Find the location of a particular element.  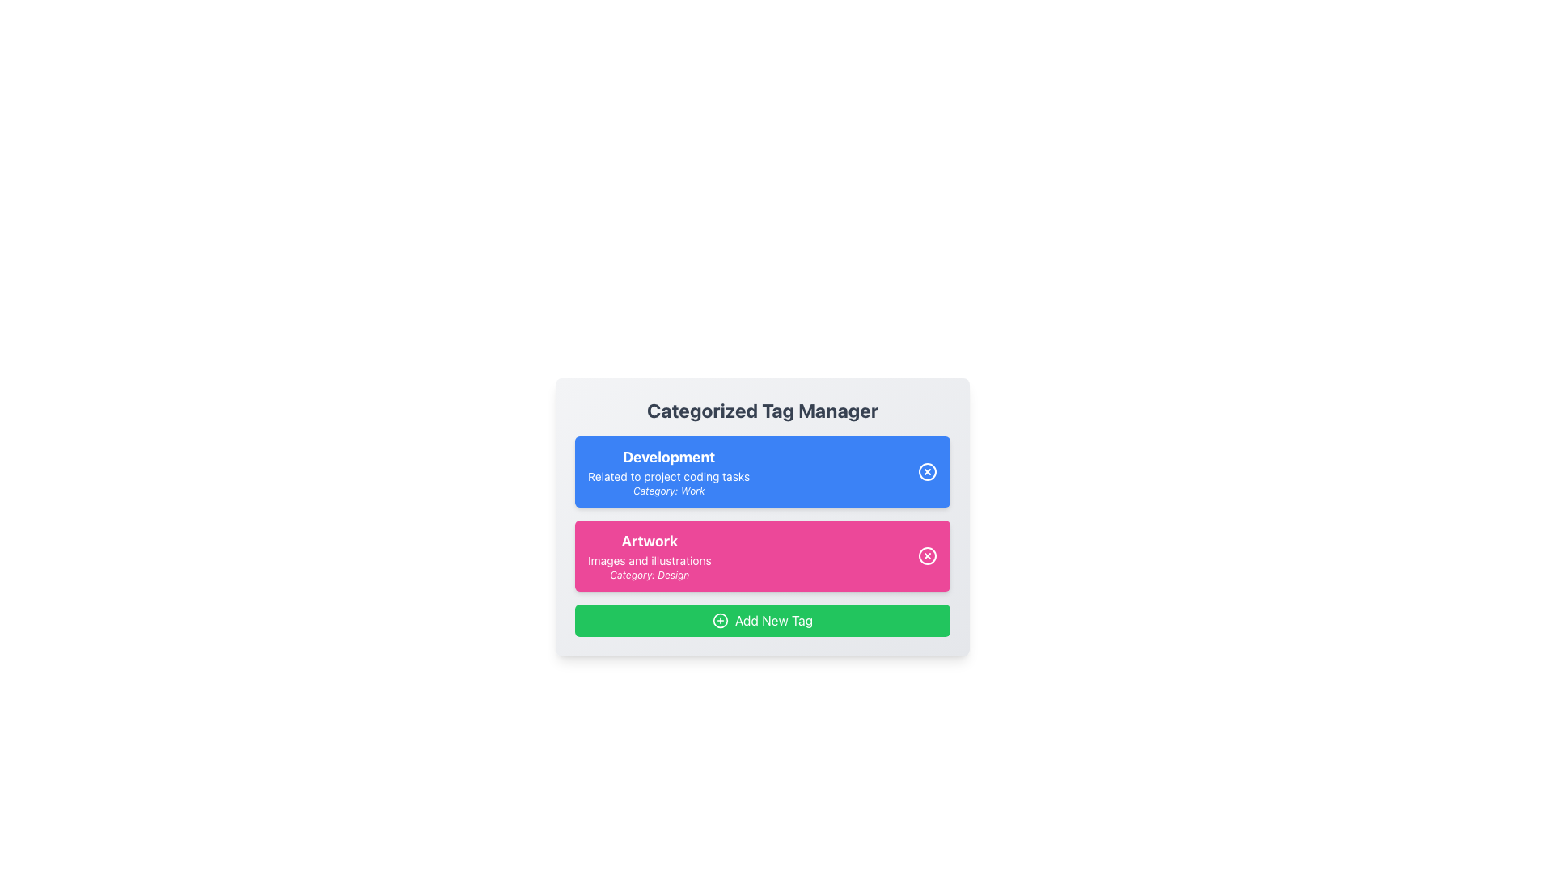

the textual label or tag information card that displays 'Development' in bold, 'Related to project coding tasks' in regular font, and 'Category: Work' in italicized text, positioned under the header 'Categorized Tag Manager' is located at coordinates (669, 471).